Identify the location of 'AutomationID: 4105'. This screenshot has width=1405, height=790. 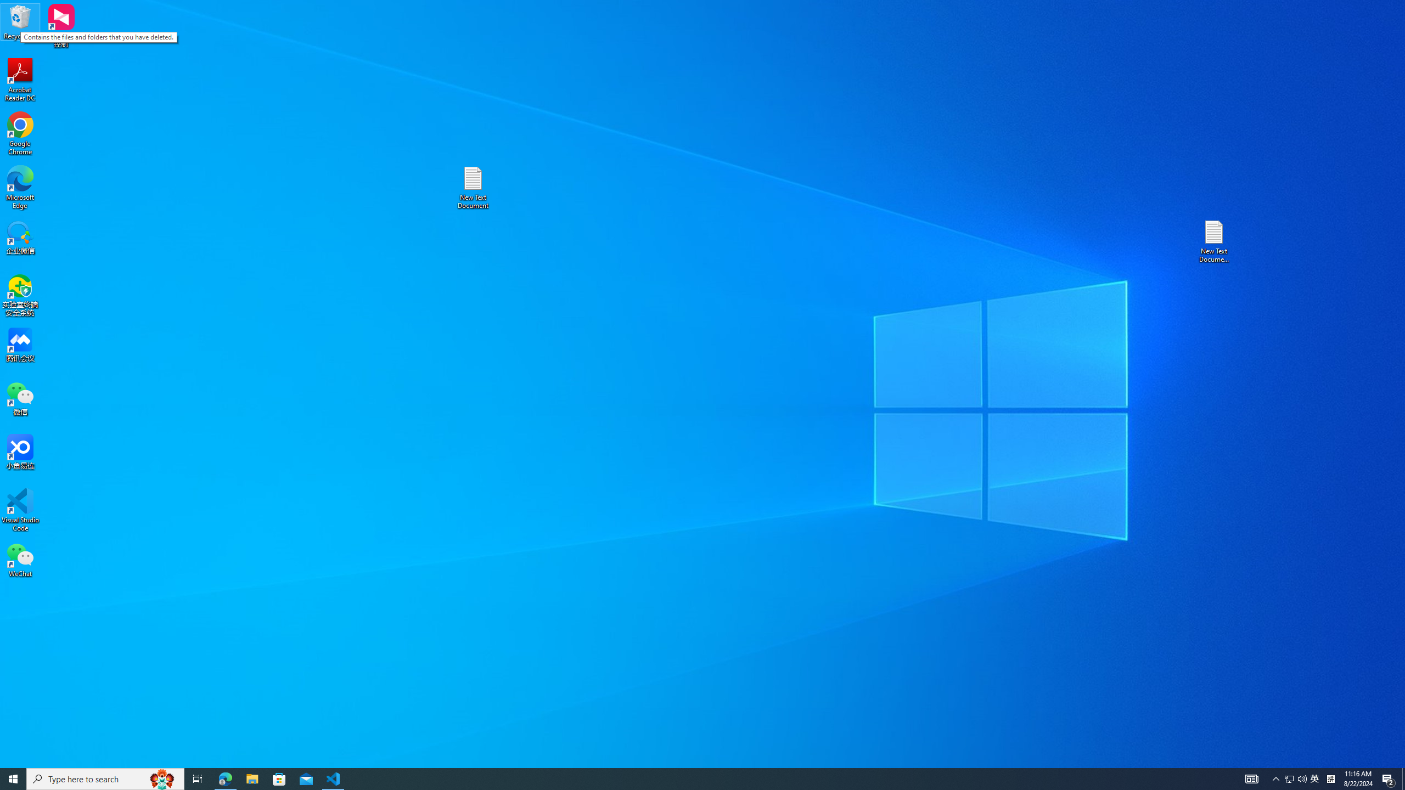
(1251, 778).